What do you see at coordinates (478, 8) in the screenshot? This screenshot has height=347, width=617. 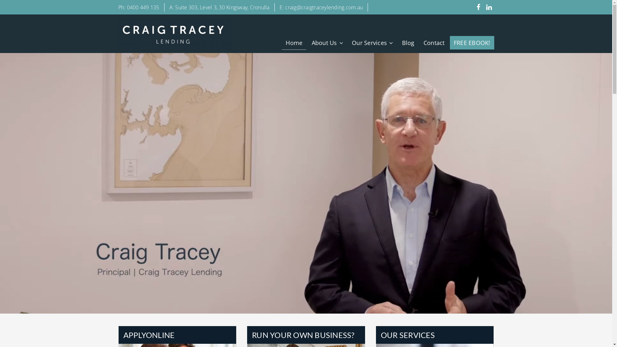 I see `'Like us on Facebook'` at bounding box center [478, 8].